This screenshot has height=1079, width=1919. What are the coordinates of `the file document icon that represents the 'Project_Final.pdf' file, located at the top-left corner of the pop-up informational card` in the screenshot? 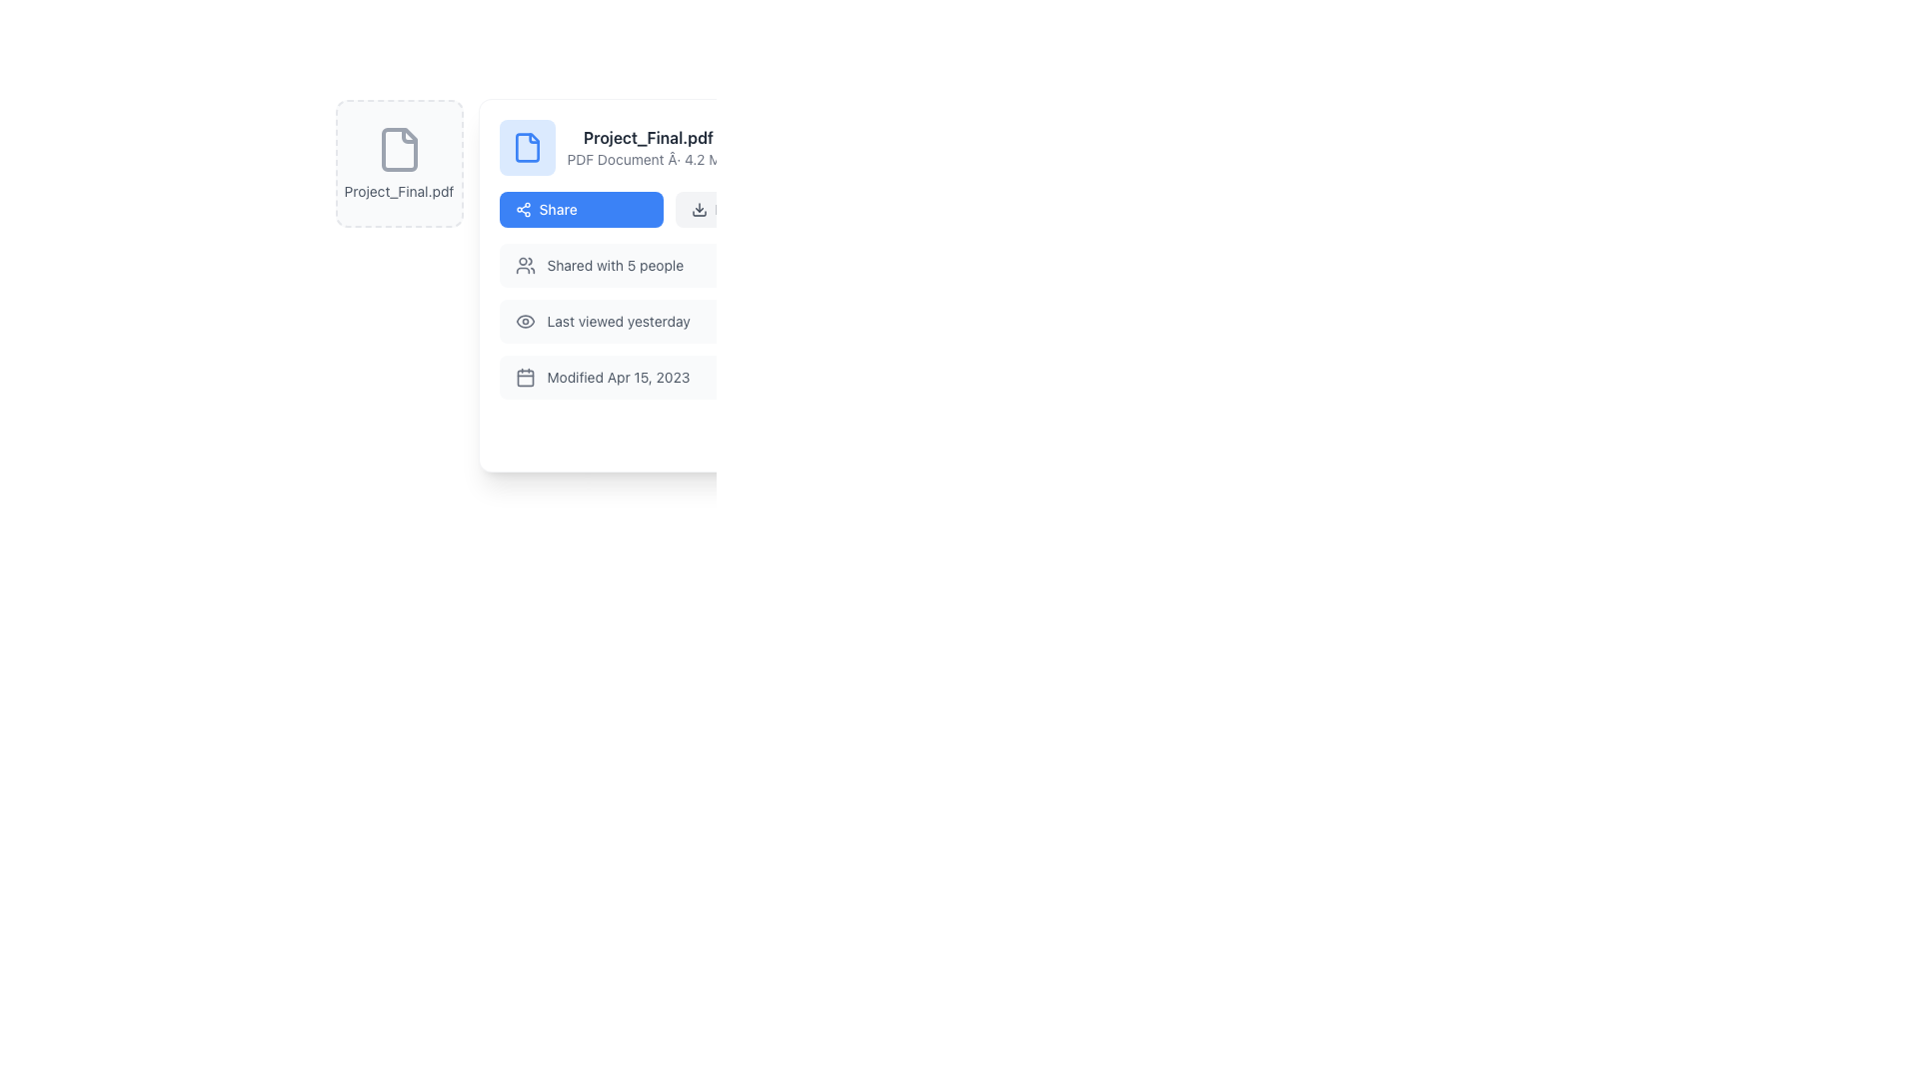 It's located at (527, 146).